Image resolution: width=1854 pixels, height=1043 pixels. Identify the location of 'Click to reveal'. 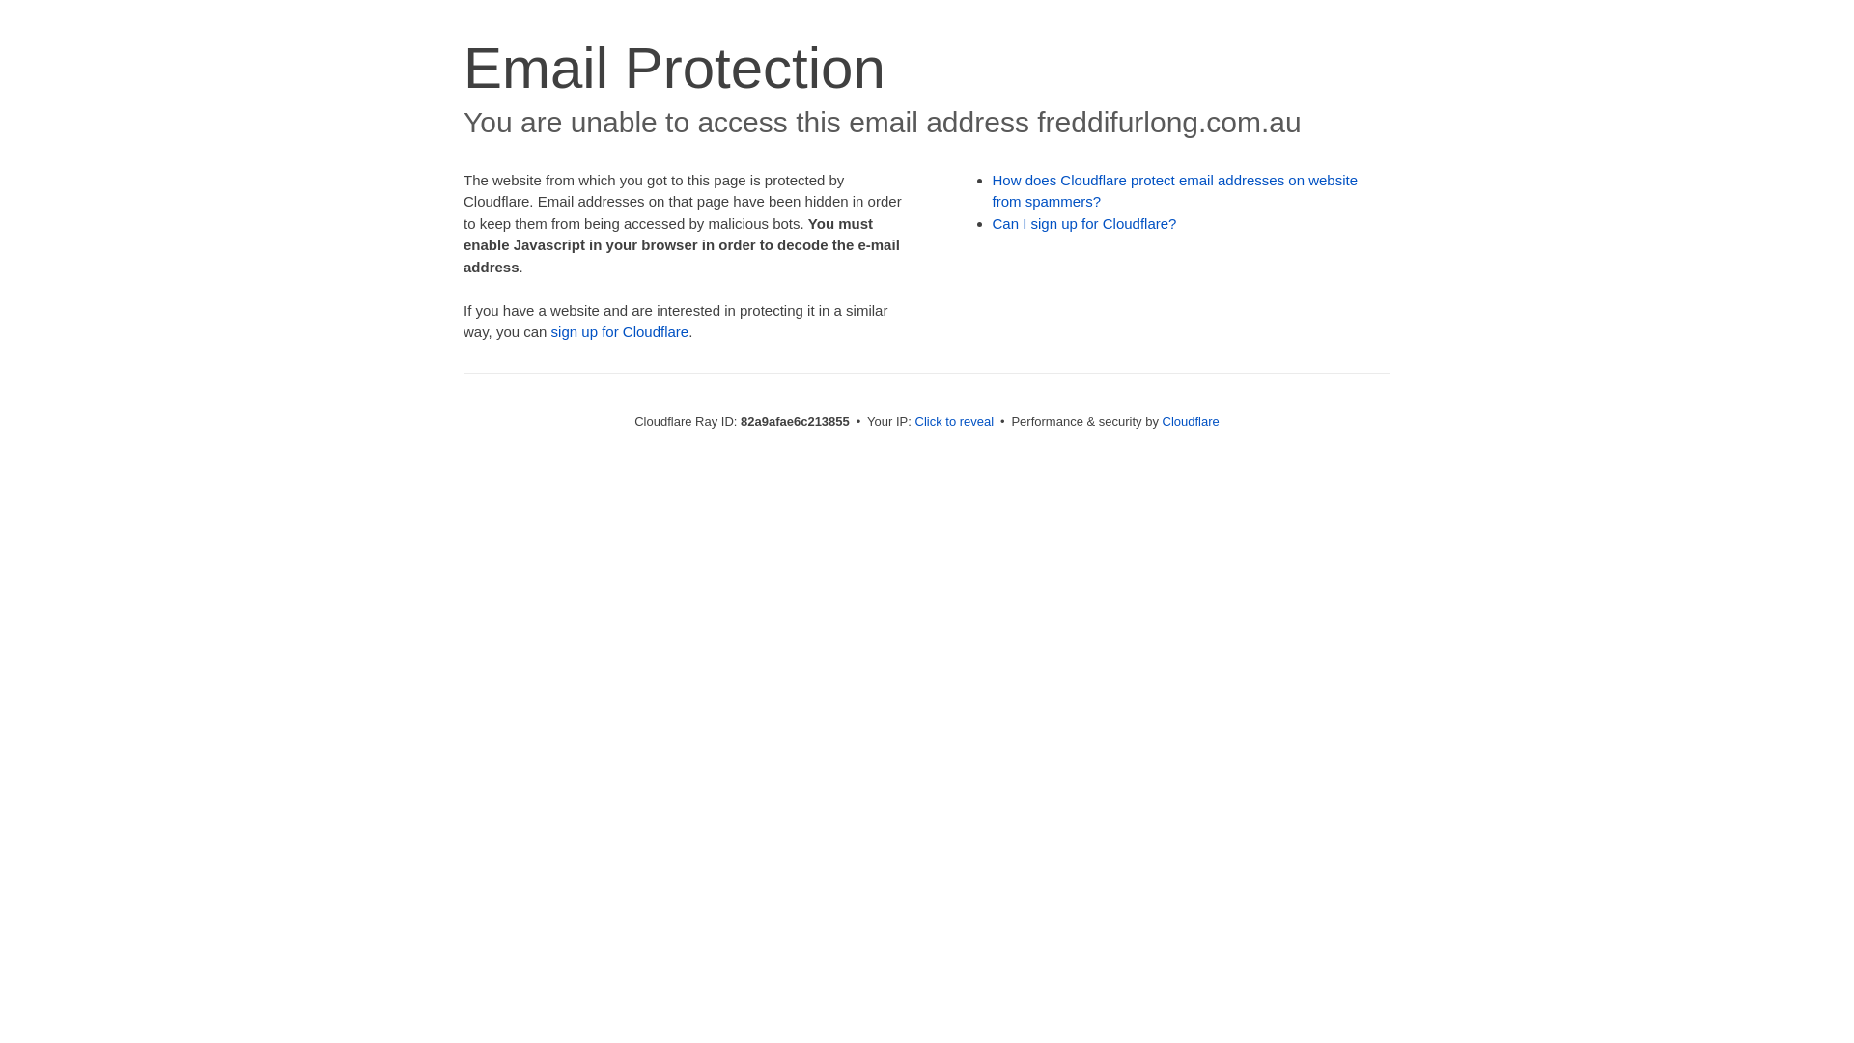
(954, 420).